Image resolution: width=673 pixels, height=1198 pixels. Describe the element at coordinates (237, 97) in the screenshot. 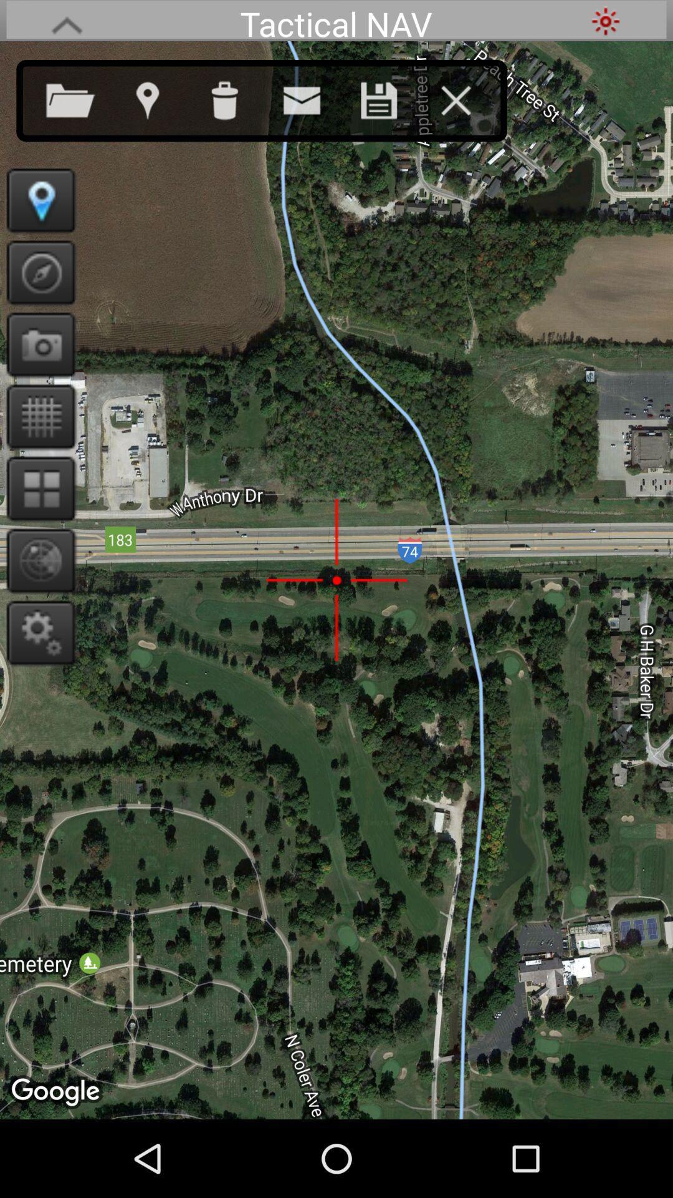

I see `removed items` at that location.